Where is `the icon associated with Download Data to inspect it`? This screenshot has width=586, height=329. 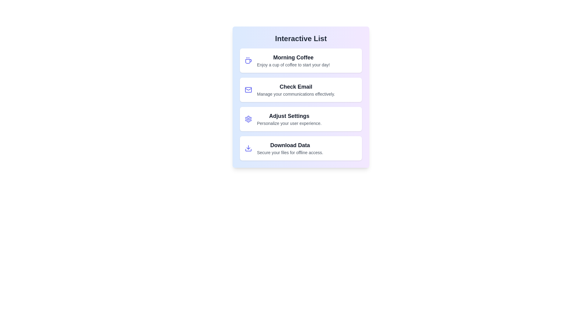 the icon associated with Download Data to inspect it is located at coordinates (248, 148).